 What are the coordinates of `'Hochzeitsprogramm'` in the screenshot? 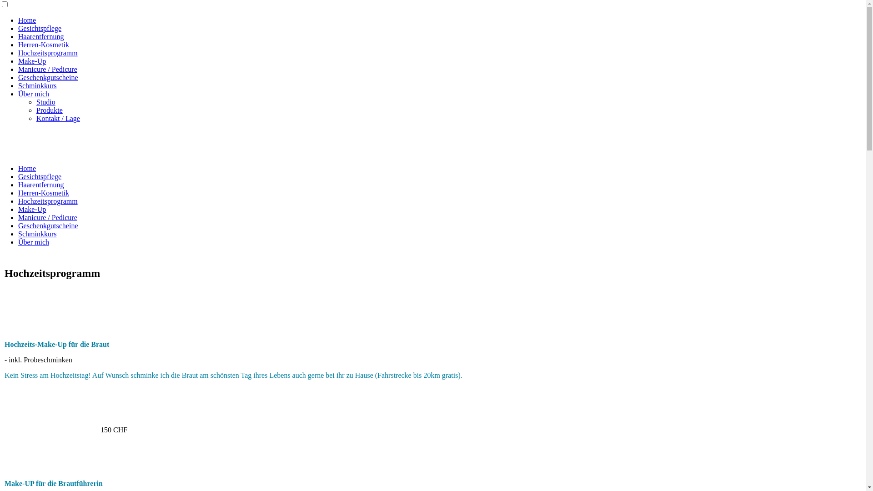 It's located at (47, 53).